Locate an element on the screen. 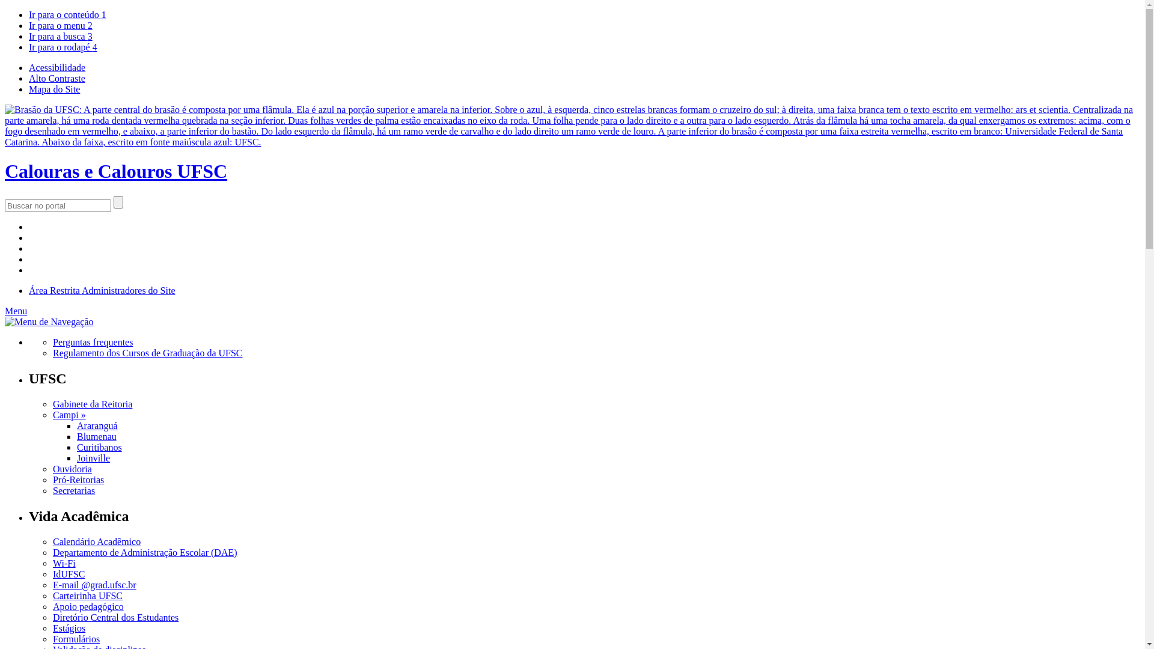 The width and height of the screenshot is (1154, 649). 'Acessibilidade' is located at coordinates (56, 67).